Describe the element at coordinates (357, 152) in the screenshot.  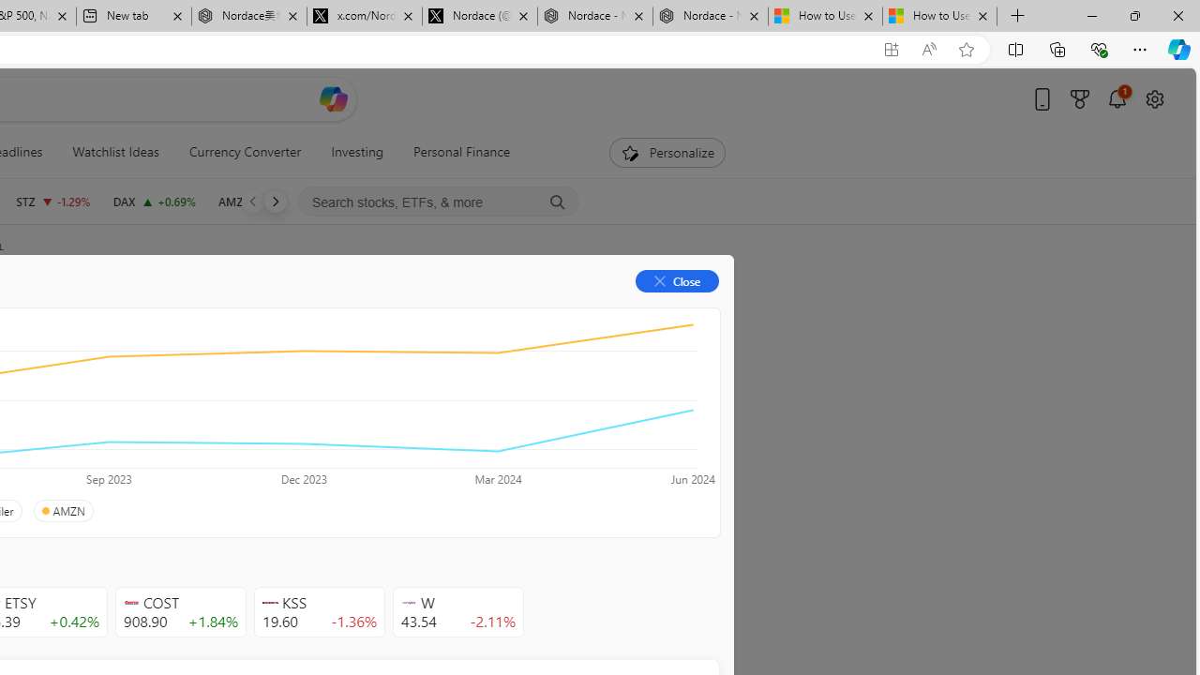
I see `'Investing'` at that location.